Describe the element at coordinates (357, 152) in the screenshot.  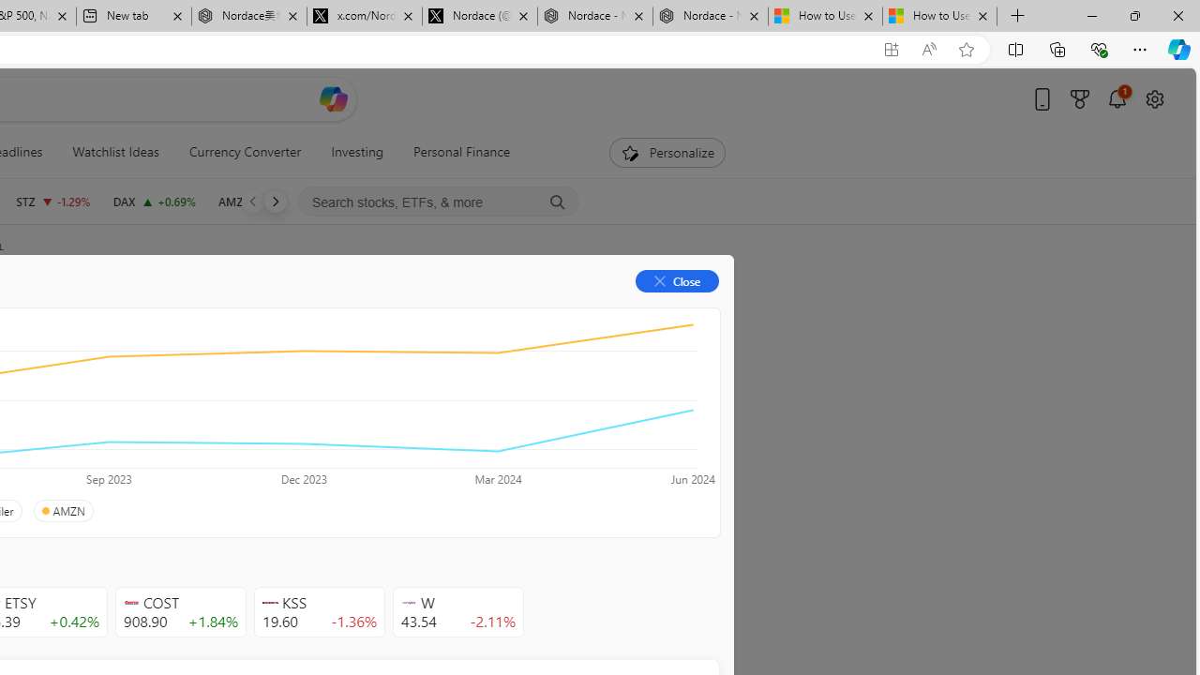
I see `'Investing'` at that location.